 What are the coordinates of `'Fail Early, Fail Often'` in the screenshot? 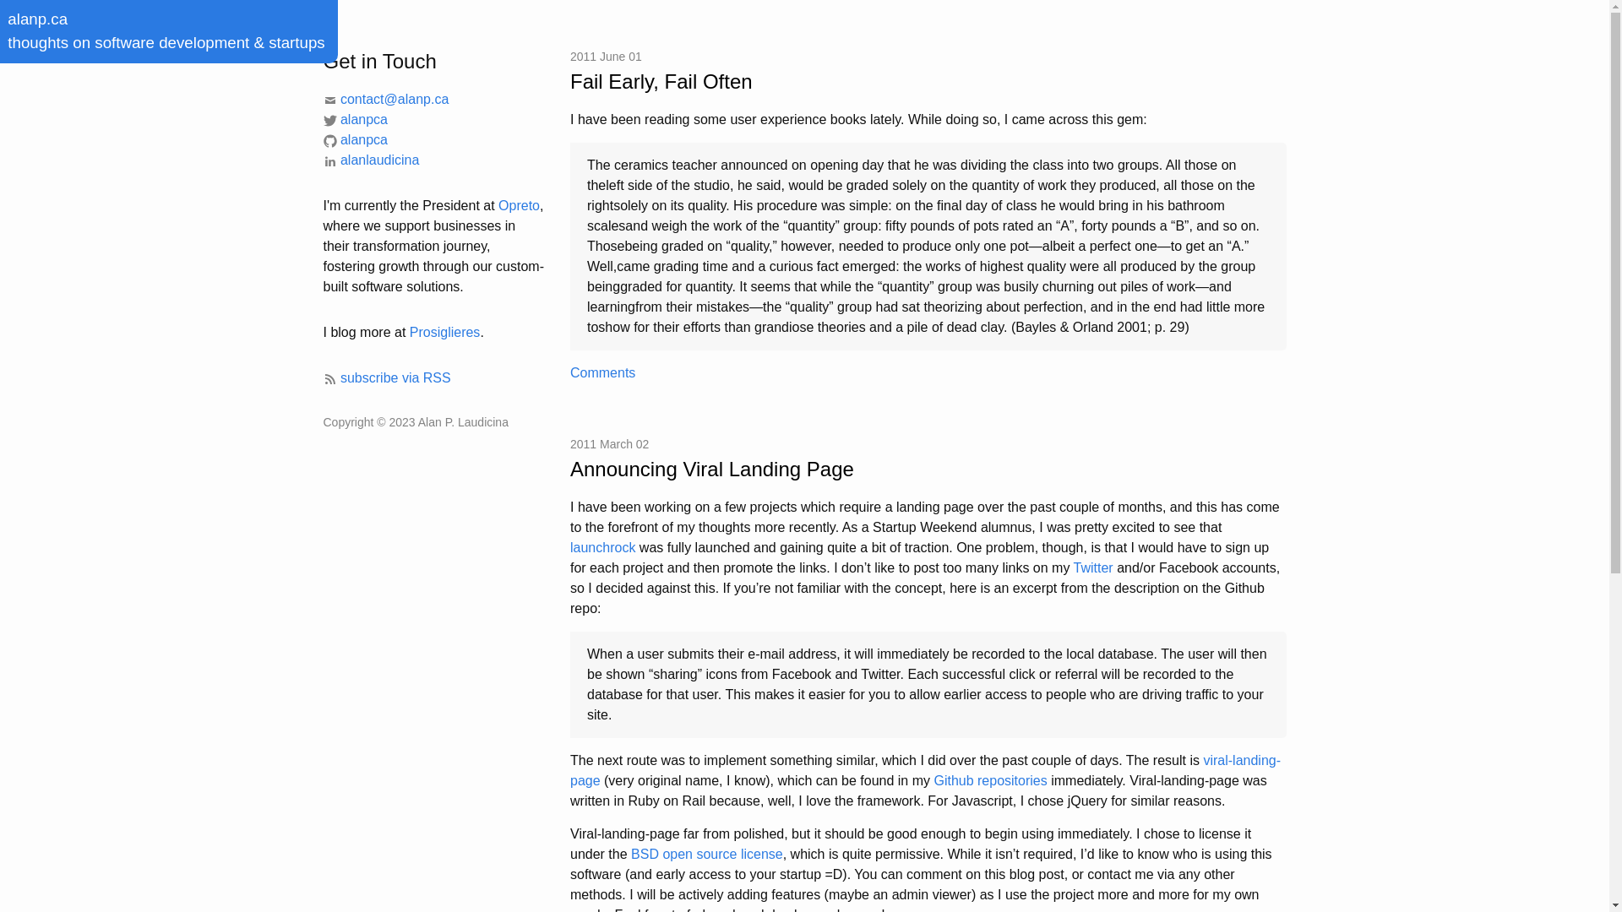 It's located at (928, 81).